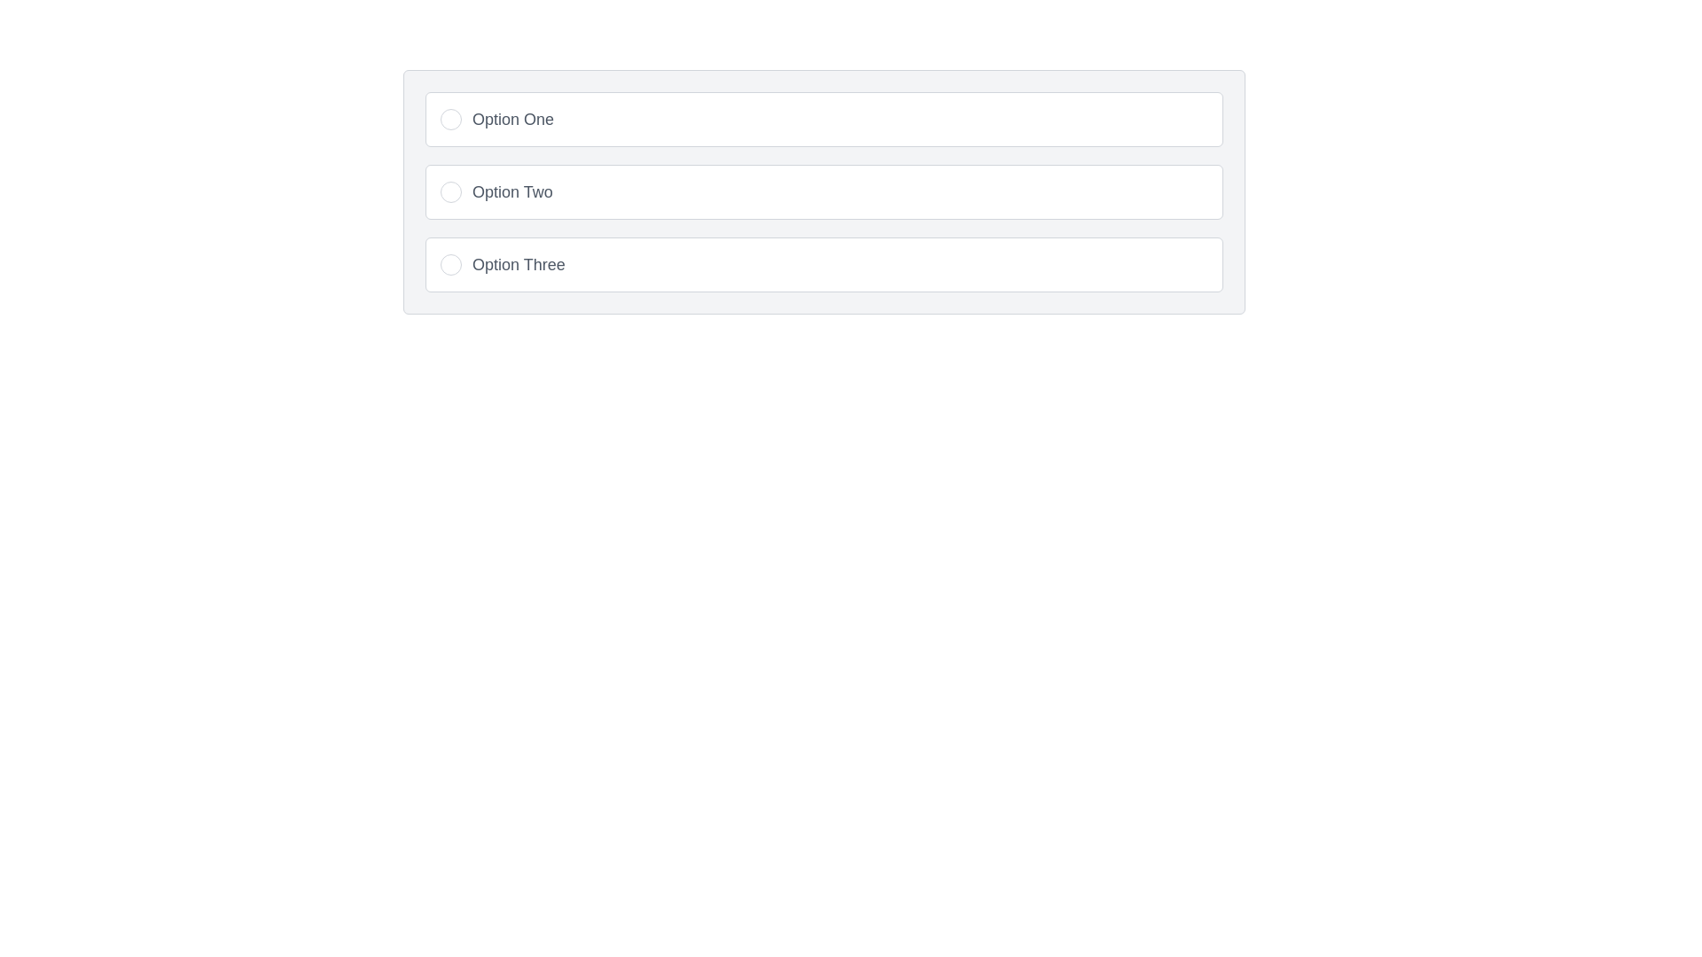 This screenshot has width=1702, height=957. I want to click on the second radio button labeled 'Option Two' in the group of three horizontally arranged options, so click(824, 191).